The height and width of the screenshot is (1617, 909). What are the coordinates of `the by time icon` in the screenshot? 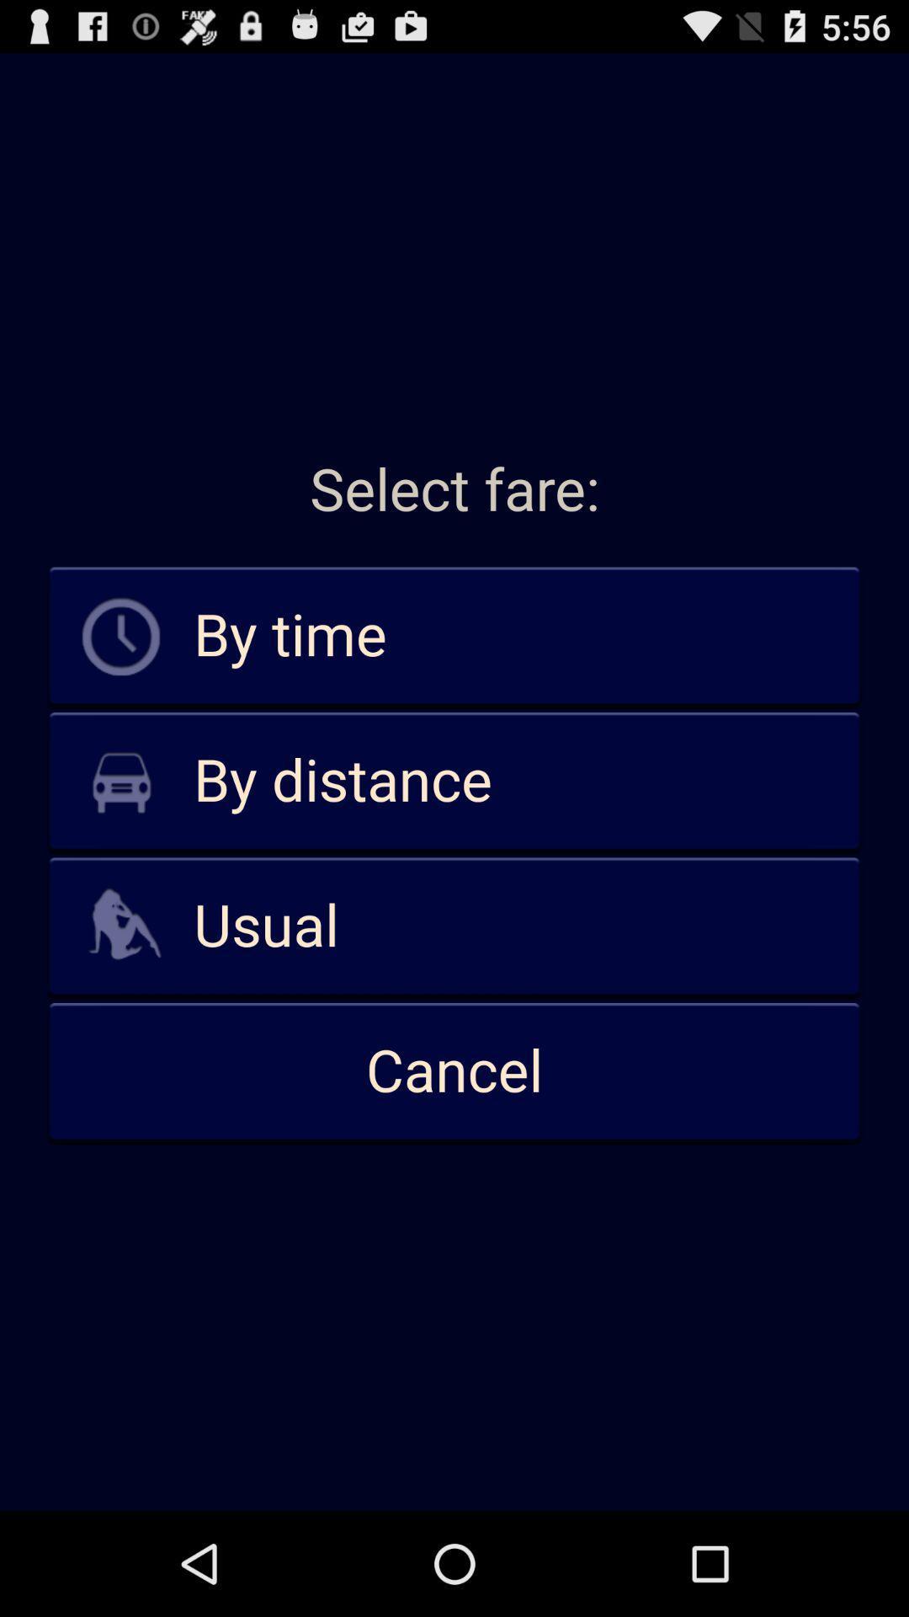 It's located at (454, 636).